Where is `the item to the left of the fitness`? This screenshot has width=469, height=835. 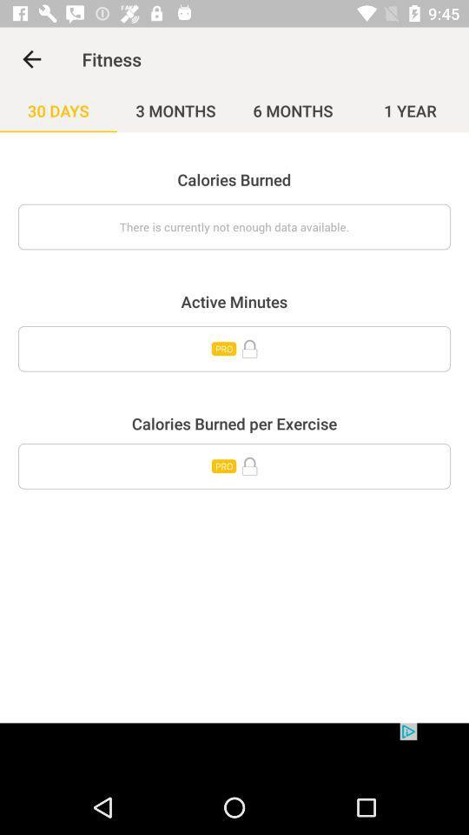
the item to the left of the fitness is located at coordinates (31, 59).